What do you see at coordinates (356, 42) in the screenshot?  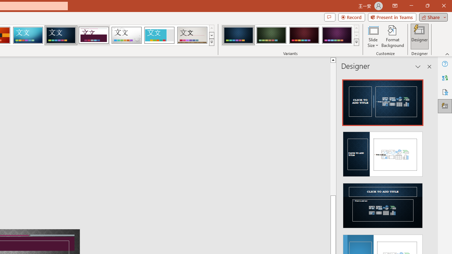 I see `'Variants'` at bounding box center [356, 42].